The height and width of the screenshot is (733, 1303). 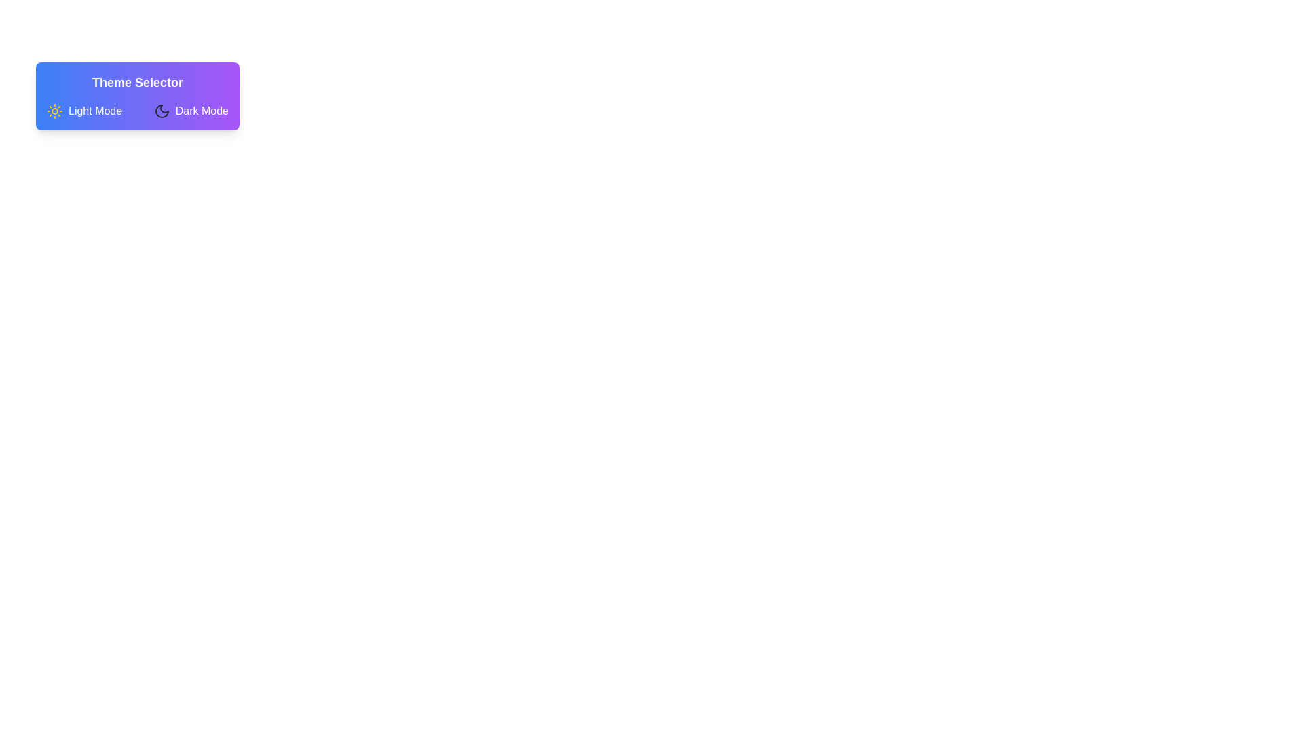 What do you see at coordinates (137, 111) in the screenshot?
I see `the Combined toggle switch labeled 'Theme Selector' to change the theme between light and dark modes` at bounding box center [137, 111].